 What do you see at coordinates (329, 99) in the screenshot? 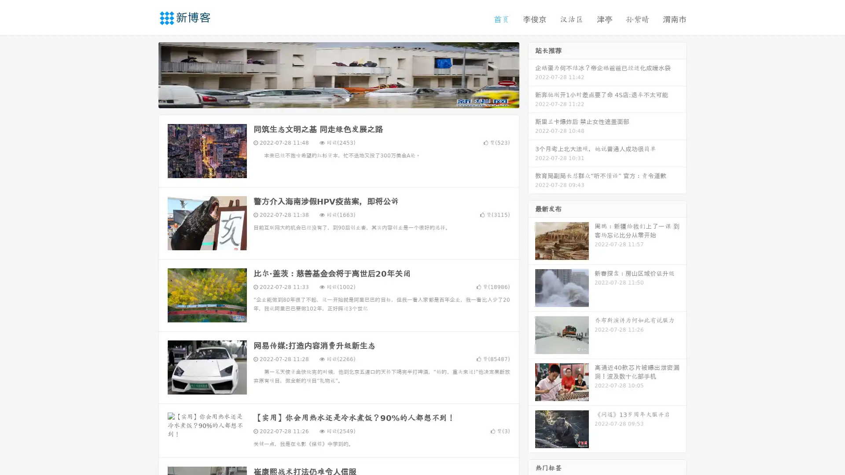
I see `Go to slide 1` at bounding box center [329, 99].